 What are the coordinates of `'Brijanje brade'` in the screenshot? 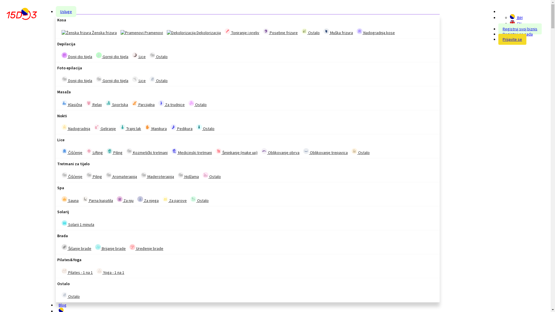 It's located at (110, 247).